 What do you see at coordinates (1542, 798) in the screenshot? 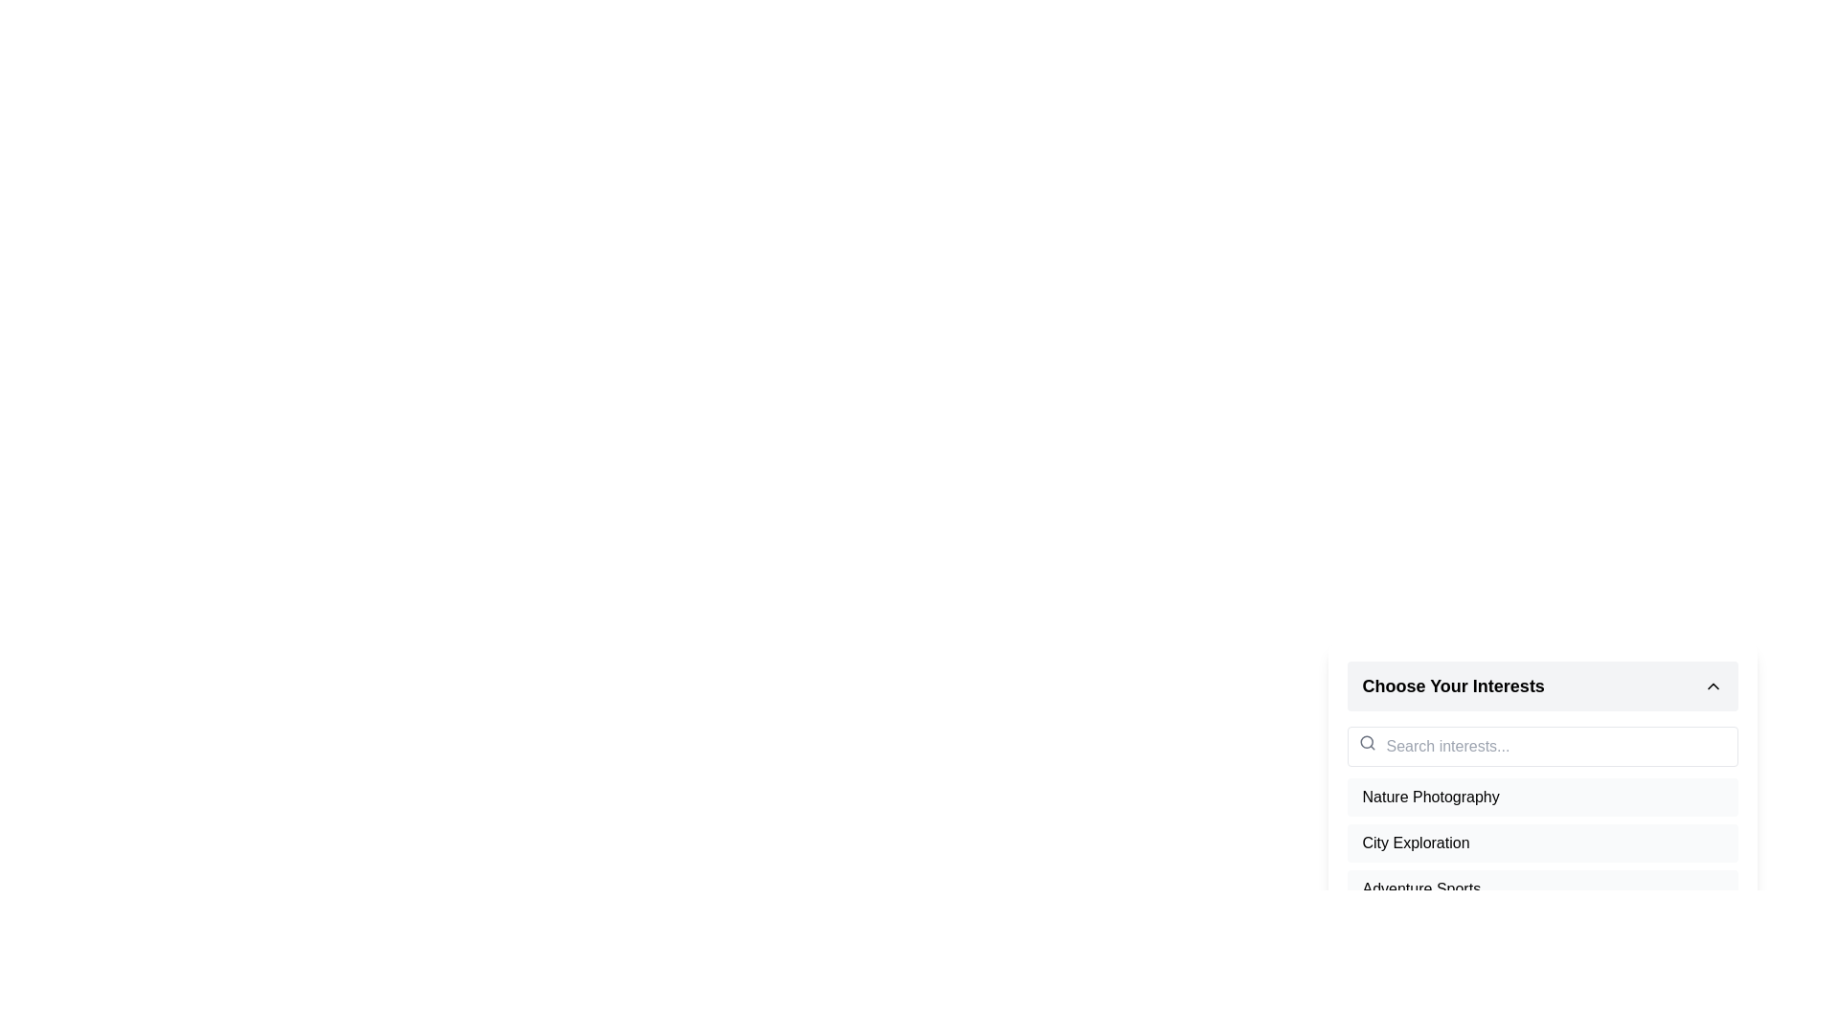
I see `the first item in the 'Choose Your Interests' list, which allows users` at bounding box center [1542, 798].